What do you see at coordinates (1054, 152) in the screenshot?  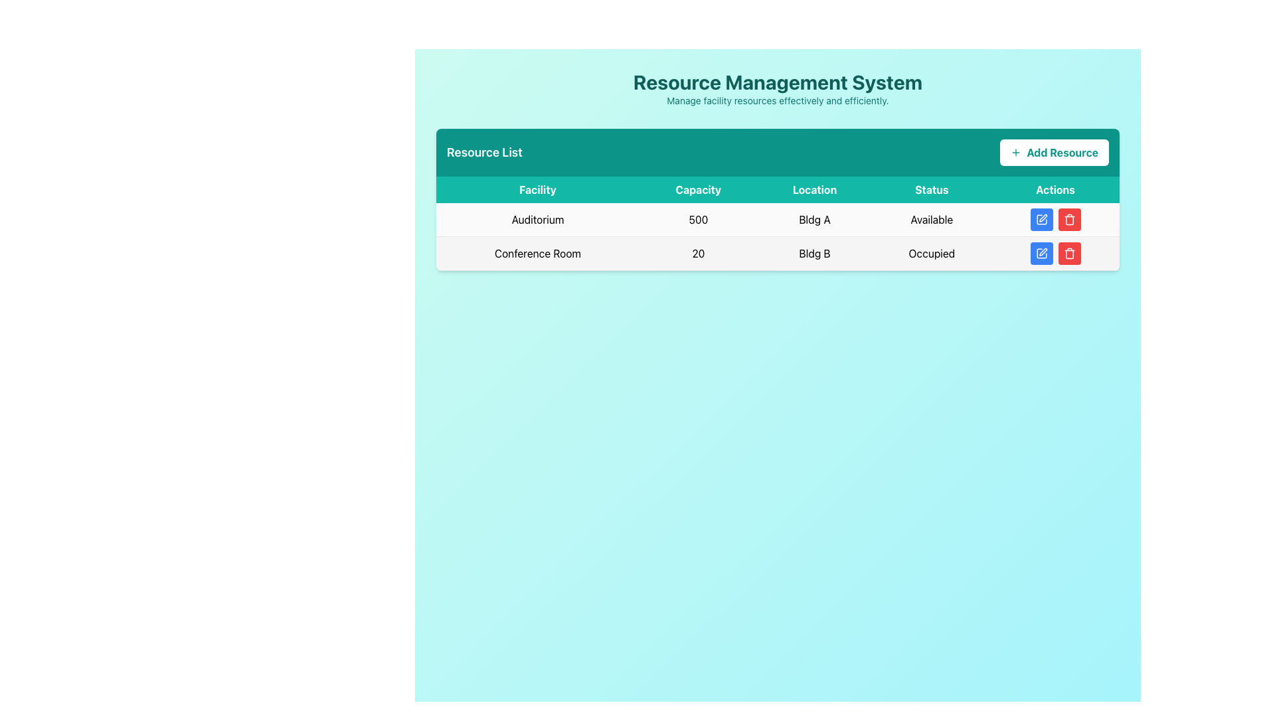 I see `the 'Add Resource' button, which is a button with bold teal text on a white background, located in the right corner of the teal header bar labeled 'Resource List'` at bounding box center [1054, 152].